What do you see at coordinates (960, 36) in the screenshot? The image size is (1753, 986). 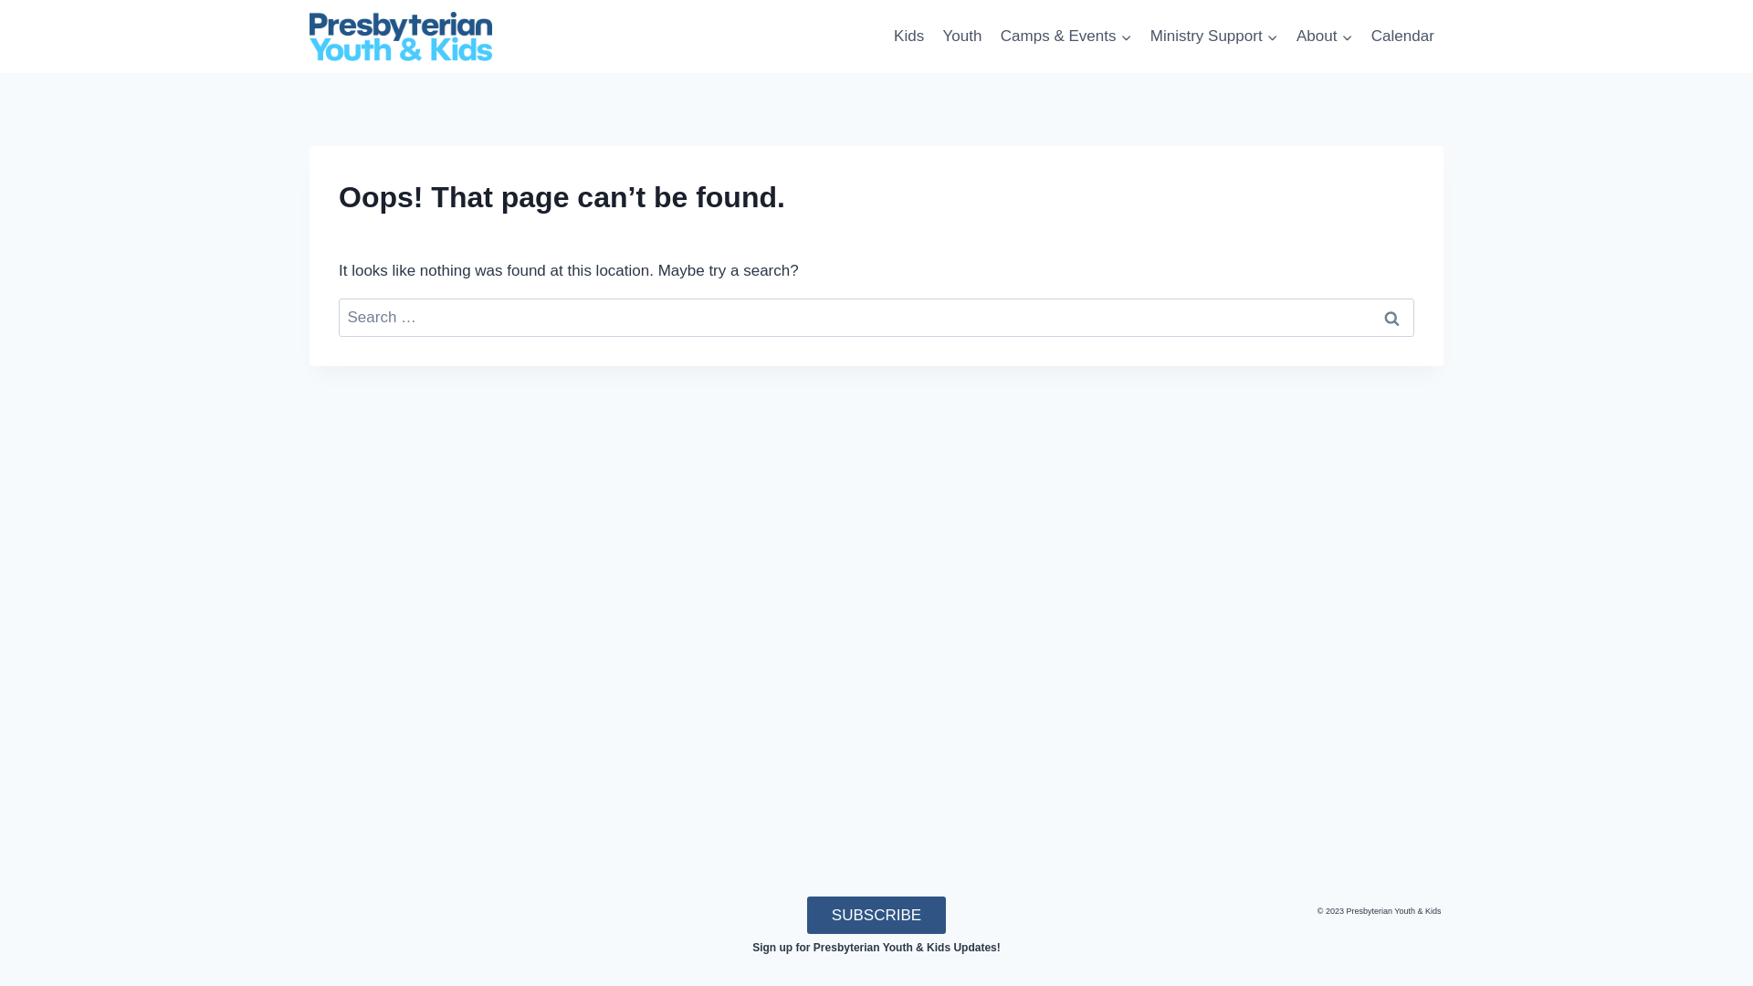 I see `'Youth'` at bounding box center [960, 36].